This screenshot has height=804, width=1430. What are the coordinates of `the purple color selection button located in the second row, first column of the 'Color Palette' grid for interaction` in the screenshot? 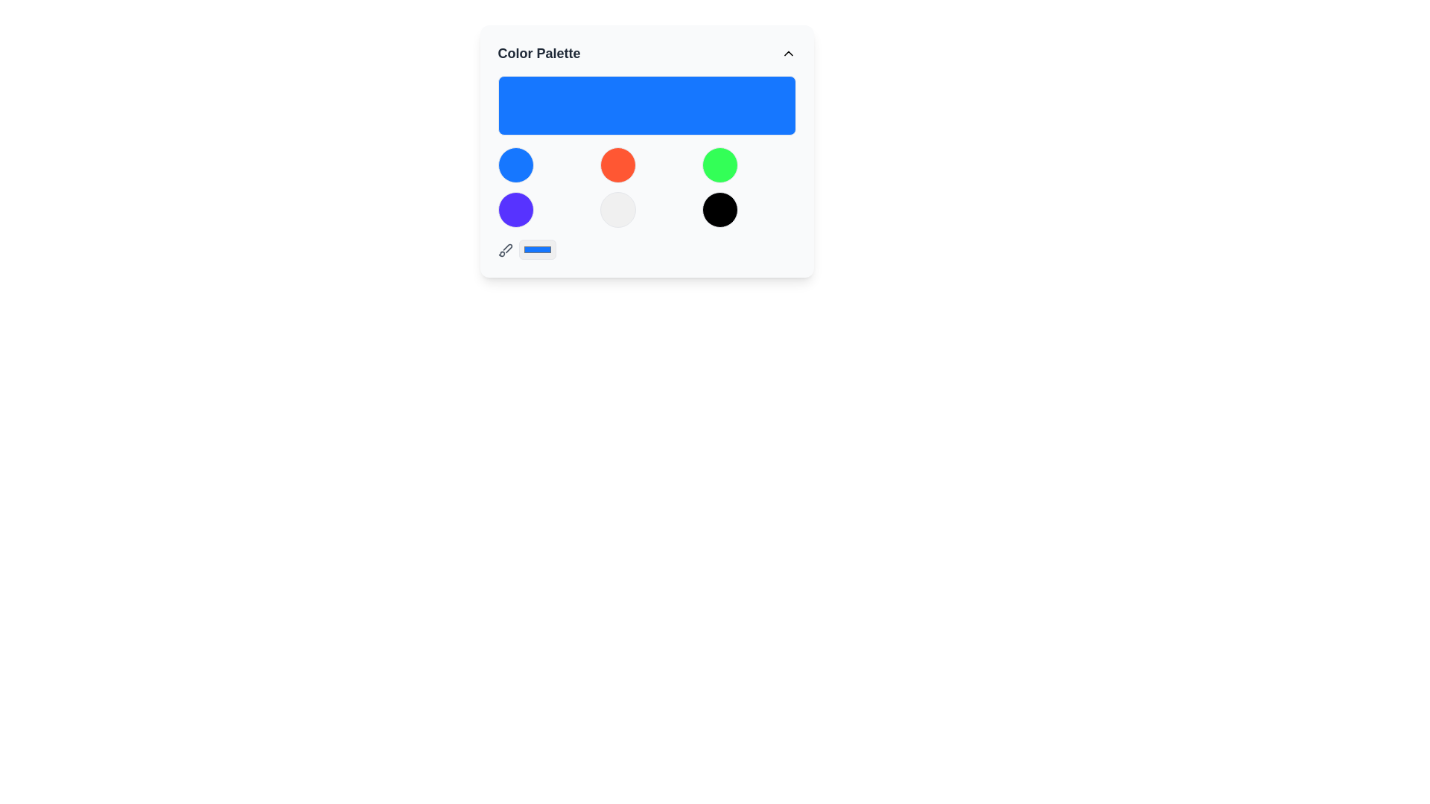 It's located at (515, 209).